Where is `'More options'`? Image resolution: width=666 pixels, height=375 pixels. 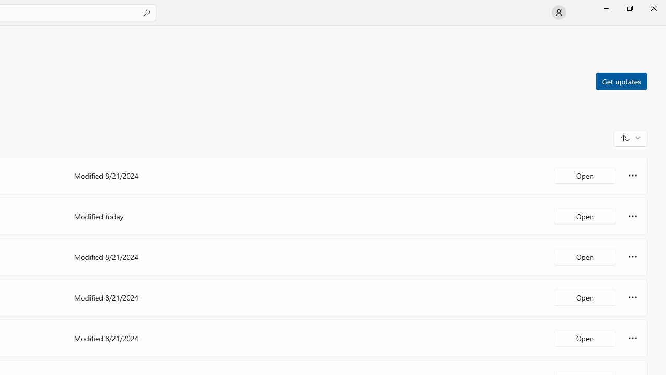 'More options' is located at coordinates (632, 338).